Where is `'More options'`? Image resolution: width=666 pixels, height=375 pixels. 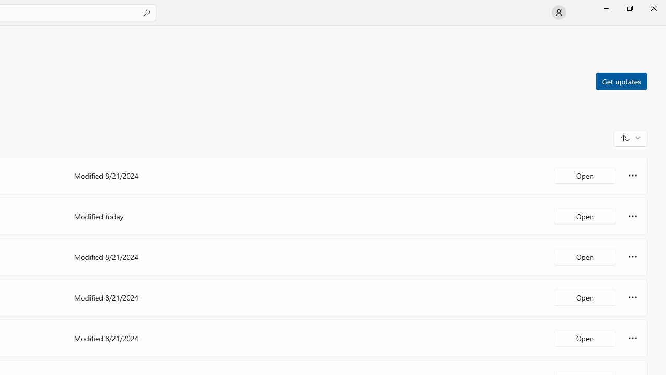 'More options' is located at coordinates (632, 338).